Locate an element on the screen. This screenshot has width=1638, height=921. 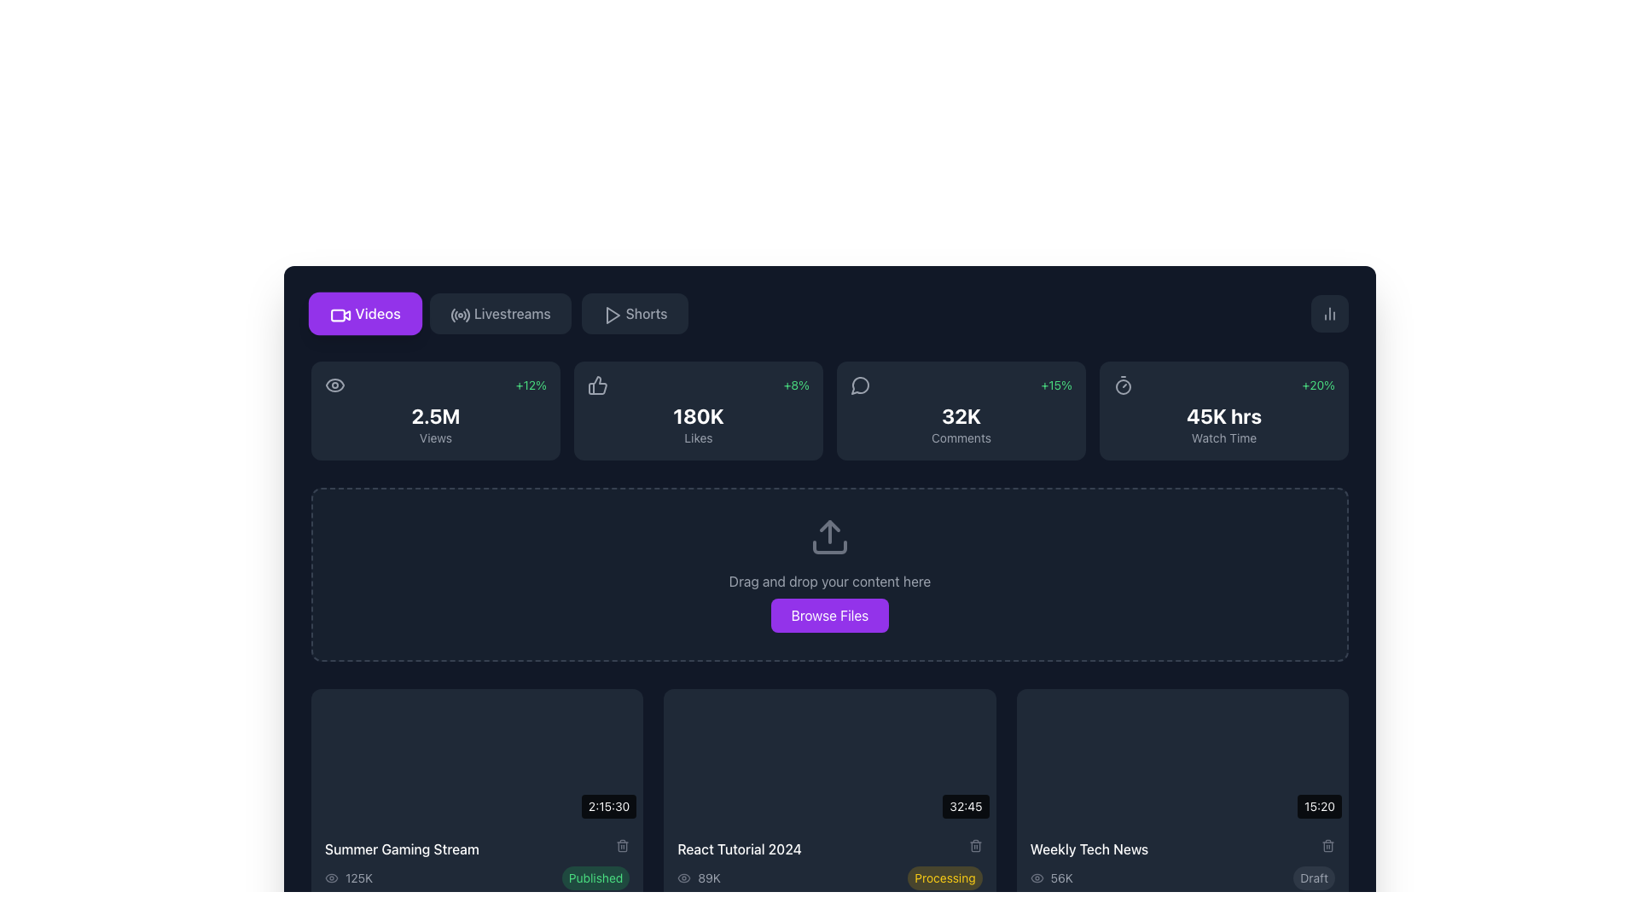
the circular element of the stopwatch icon located at the center of the SVG structure is located at coordinates (1123, 387).